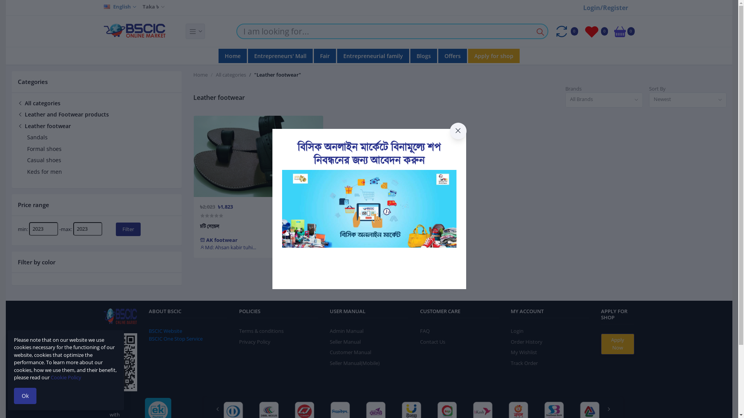 Image resolution: width=744 pixels, height=418 pixels. What do you see at coordinates (227, 247) in the screenshot?
I see `'Md: Ahsan kabir tuhi...'` at bounding box center [227, 247].